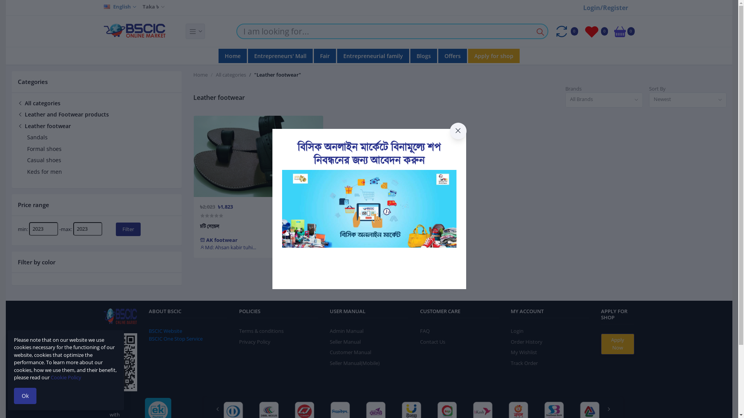 Image resolution: width=744 pixels, height=418 pixels. What do you see at coordinates (227, 247) in the screenshot?
I see `'Md: Ahsan kabir tuhi...'` at bounding box center [227, 247].